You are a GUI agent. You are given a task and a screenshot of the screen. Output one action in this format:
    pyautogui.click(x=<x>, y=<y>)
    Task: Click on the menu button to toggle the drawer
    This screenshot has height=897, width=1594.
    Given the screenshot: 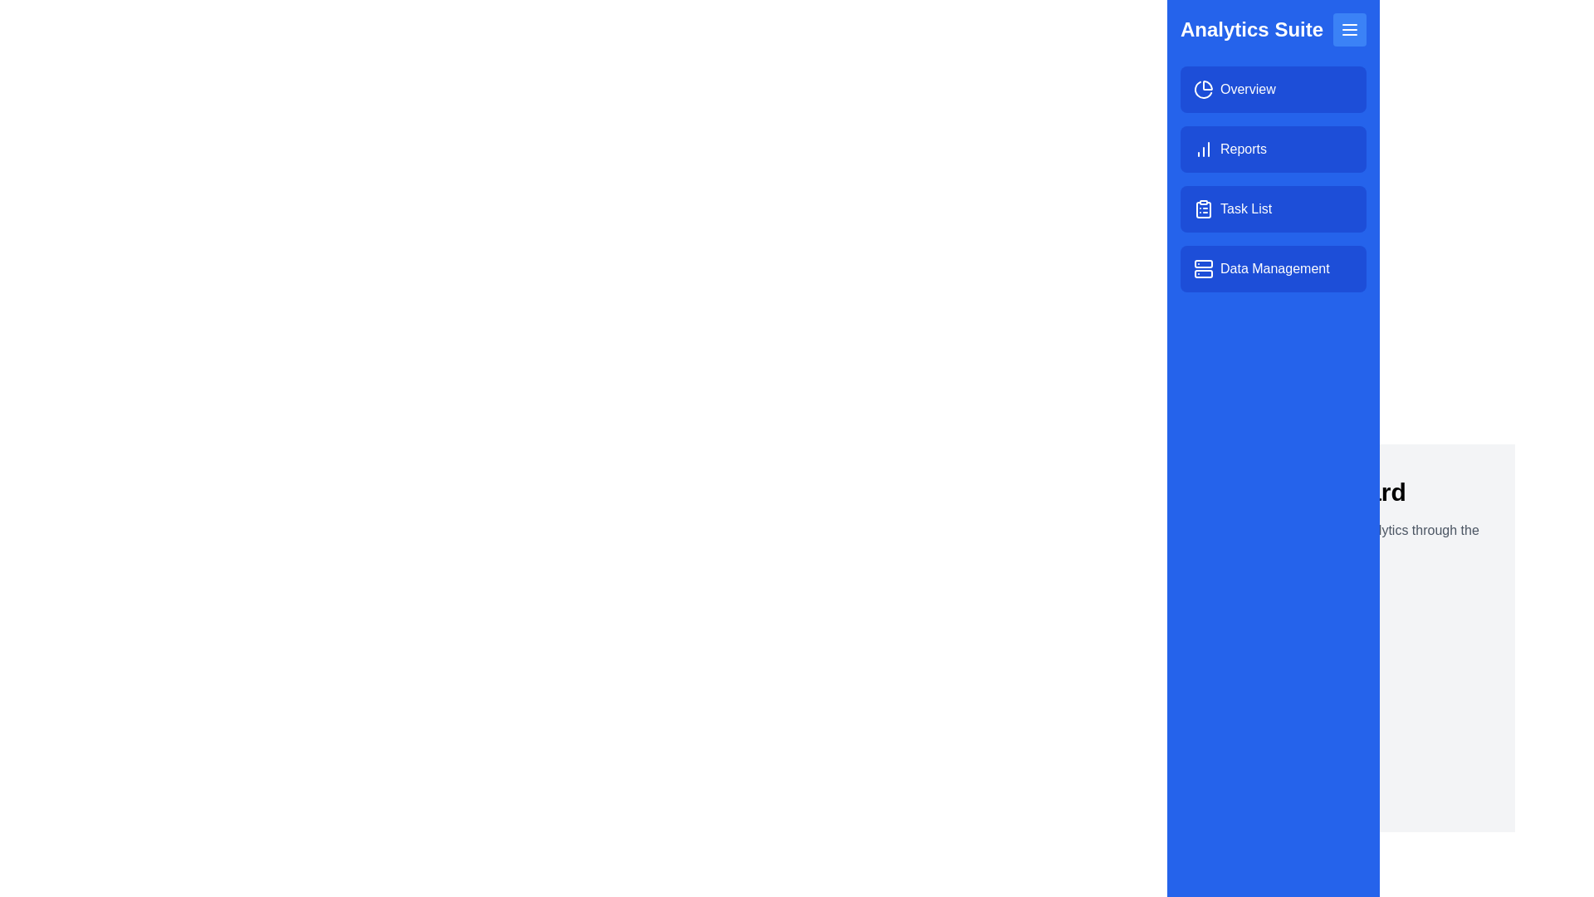 What is the action you would take?
    pyautogui.click(x=1350, y=29)
    